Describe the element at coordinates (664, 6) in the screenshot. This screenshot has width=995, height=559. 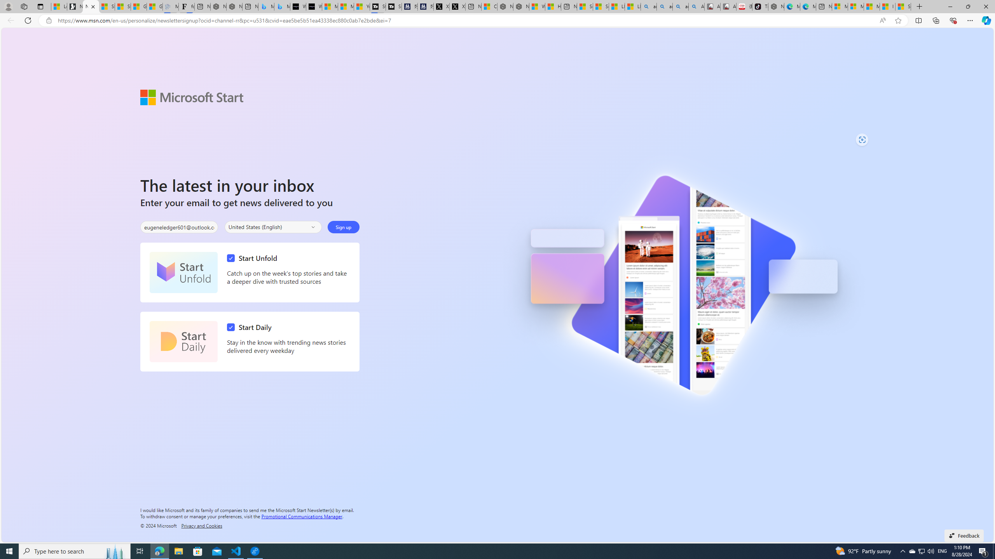
I see `'amazon - Search'` at that location.